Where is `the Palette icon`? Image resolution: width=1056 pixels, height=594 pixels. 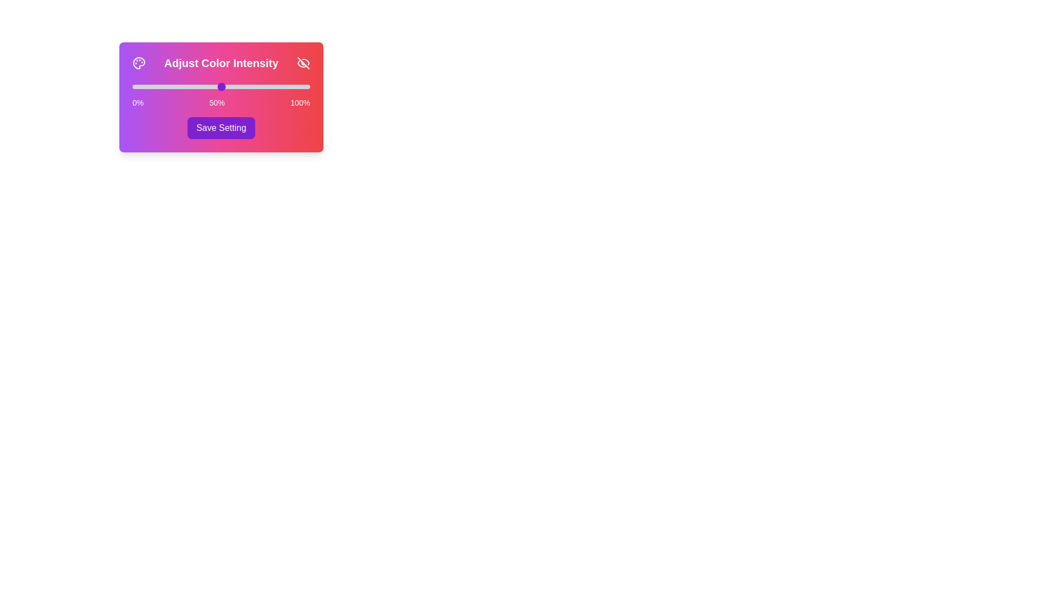
the Palette icon is located at coordinates (139, 63).